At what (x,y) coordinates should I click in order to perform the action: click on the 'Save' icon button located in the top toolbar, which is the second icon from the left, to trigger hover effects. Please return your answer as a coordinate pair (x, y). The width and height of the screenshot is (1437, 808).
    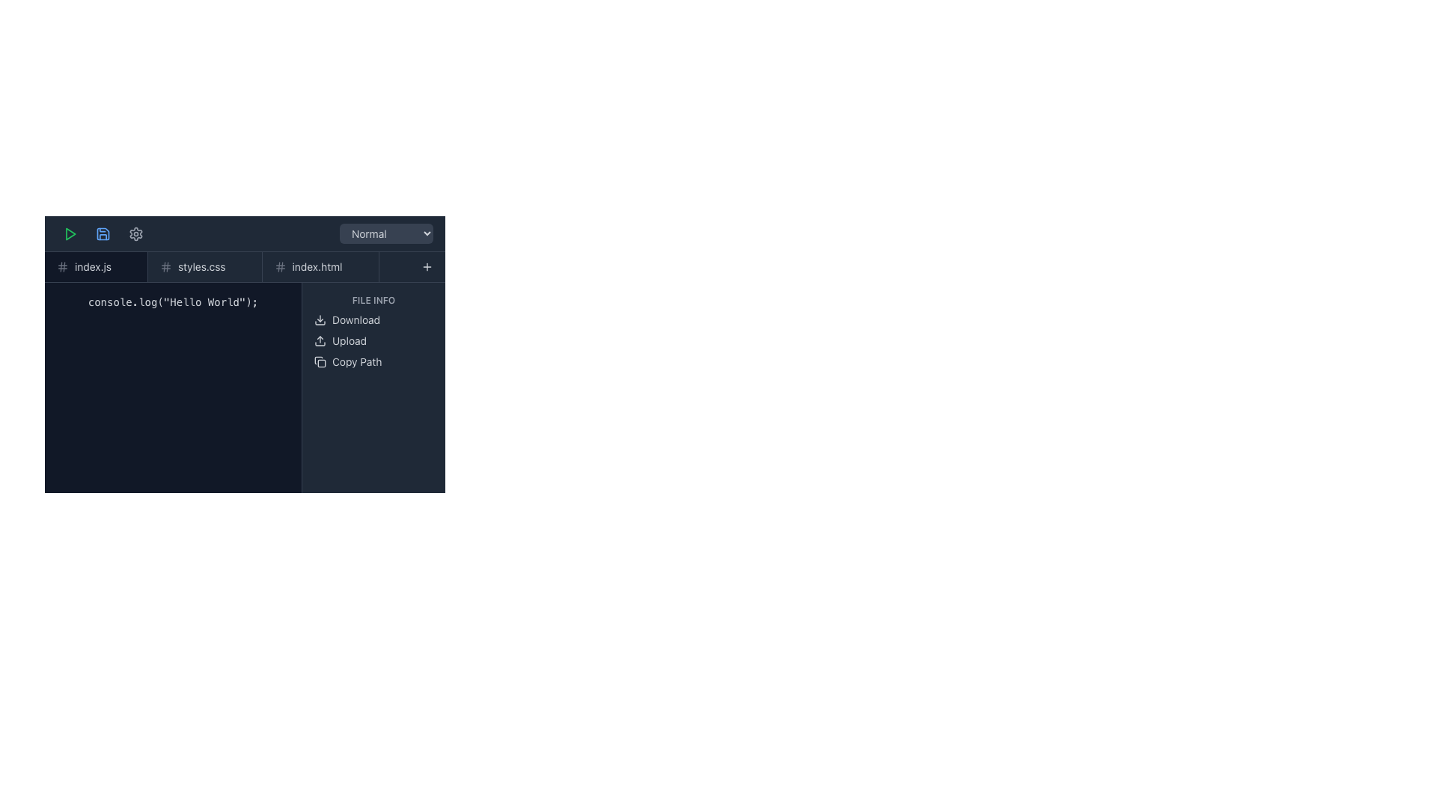
    Looking at the image, I should click on (103, 233).